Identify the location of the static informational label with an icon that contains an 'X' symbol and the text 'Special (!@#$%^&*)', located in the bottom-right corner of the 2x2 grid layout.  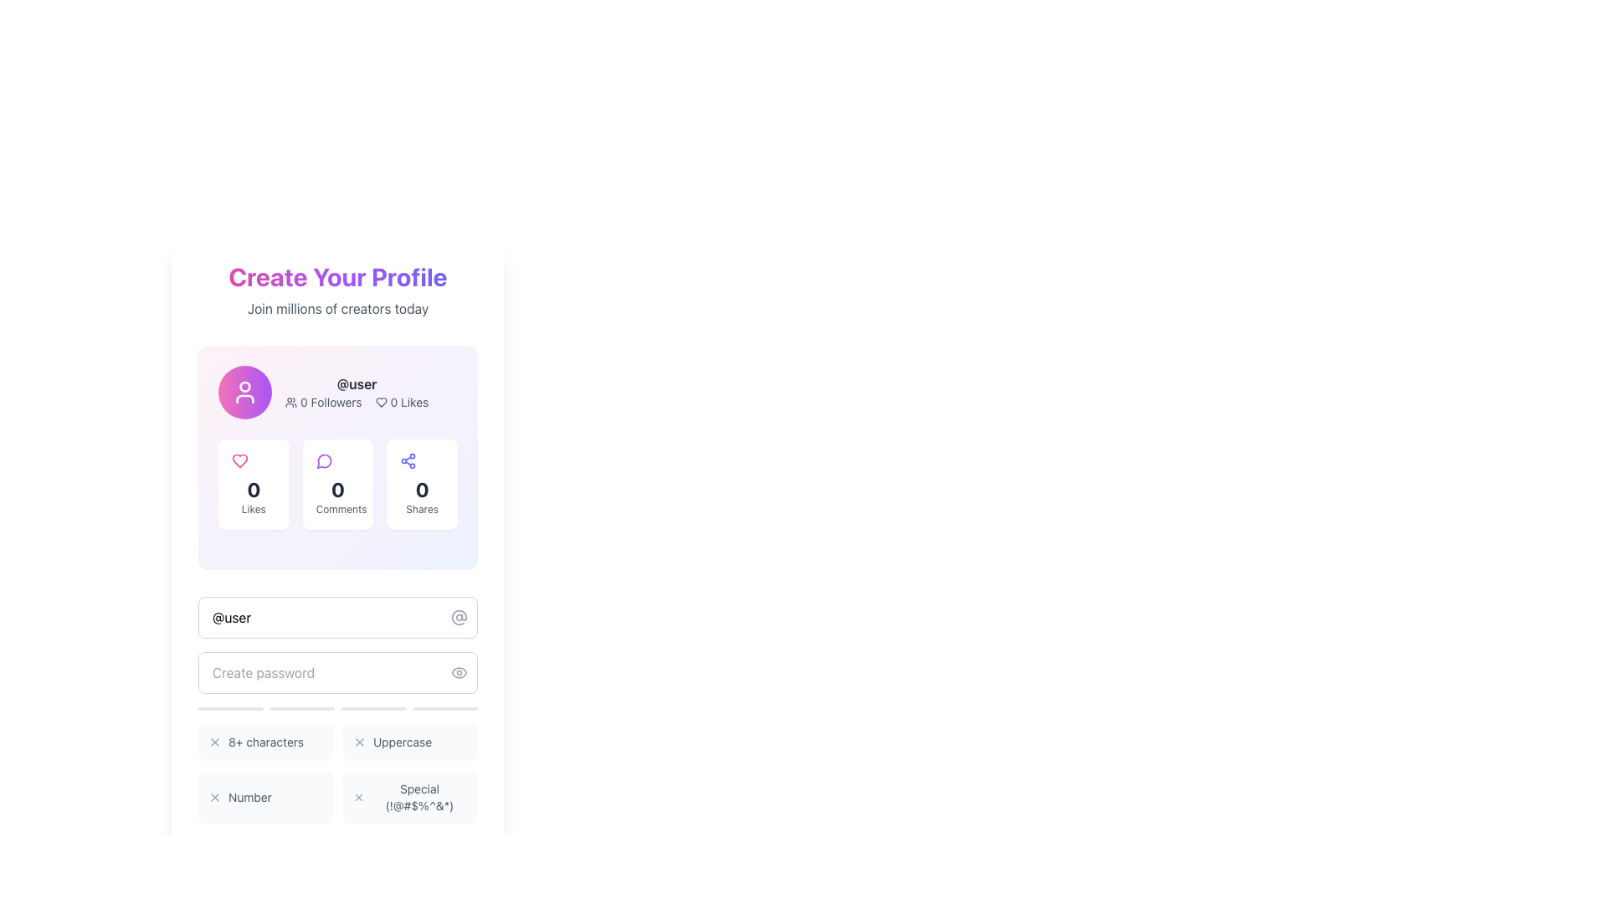
(410, 796).